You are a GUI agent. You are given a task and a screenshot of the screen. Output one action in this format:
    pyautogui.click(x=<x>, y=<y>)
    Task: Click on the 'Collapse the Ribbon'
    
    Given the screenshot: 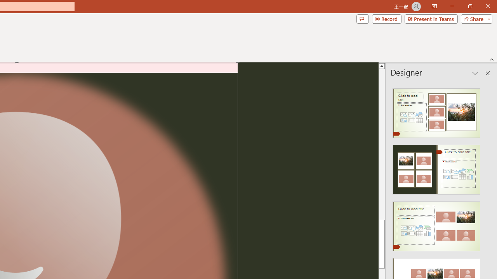 What is the action you would take?
    pyautogui.click(x=492, y=59)
    